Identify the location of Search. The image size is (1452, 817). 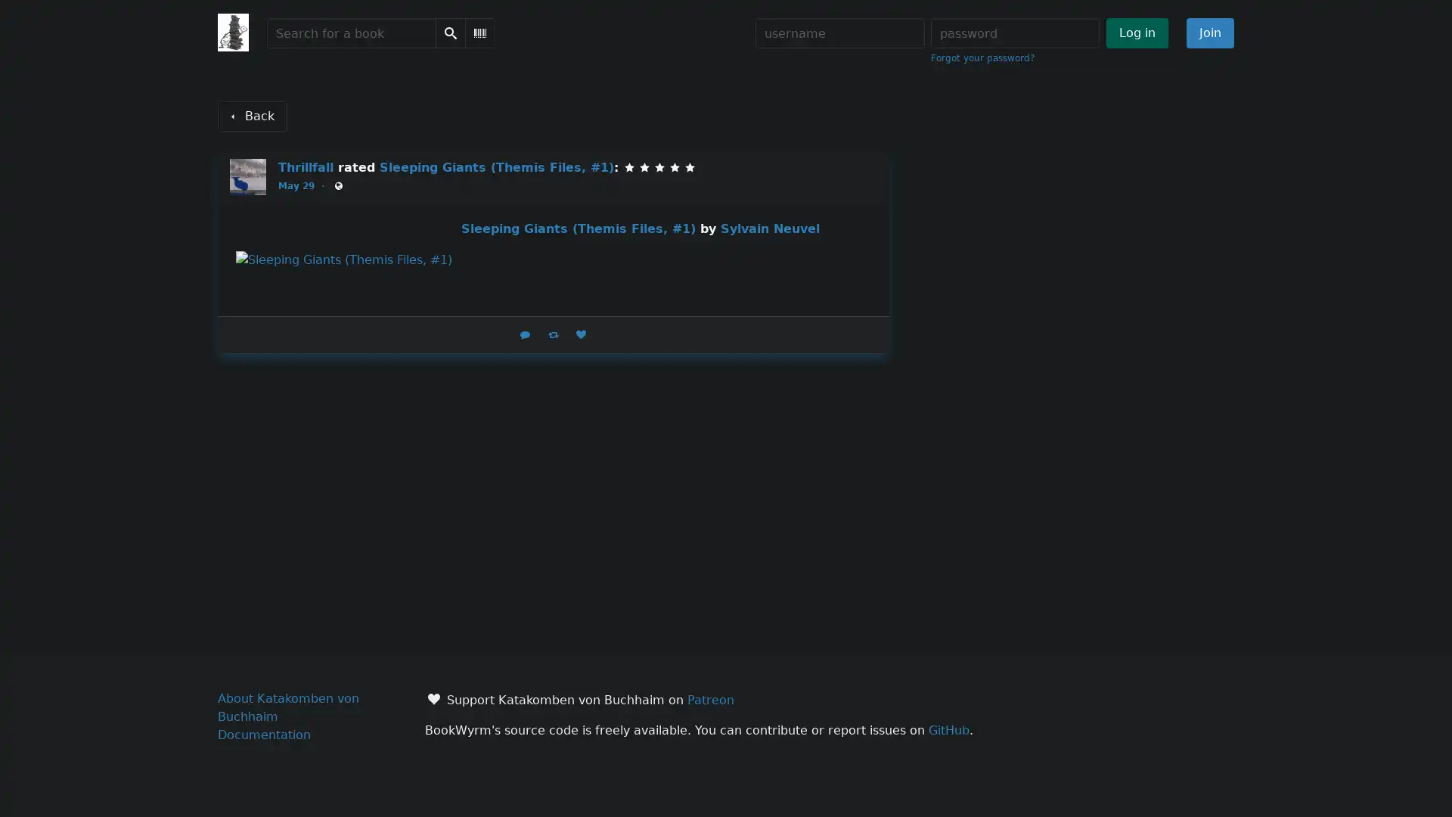
(449, 33).